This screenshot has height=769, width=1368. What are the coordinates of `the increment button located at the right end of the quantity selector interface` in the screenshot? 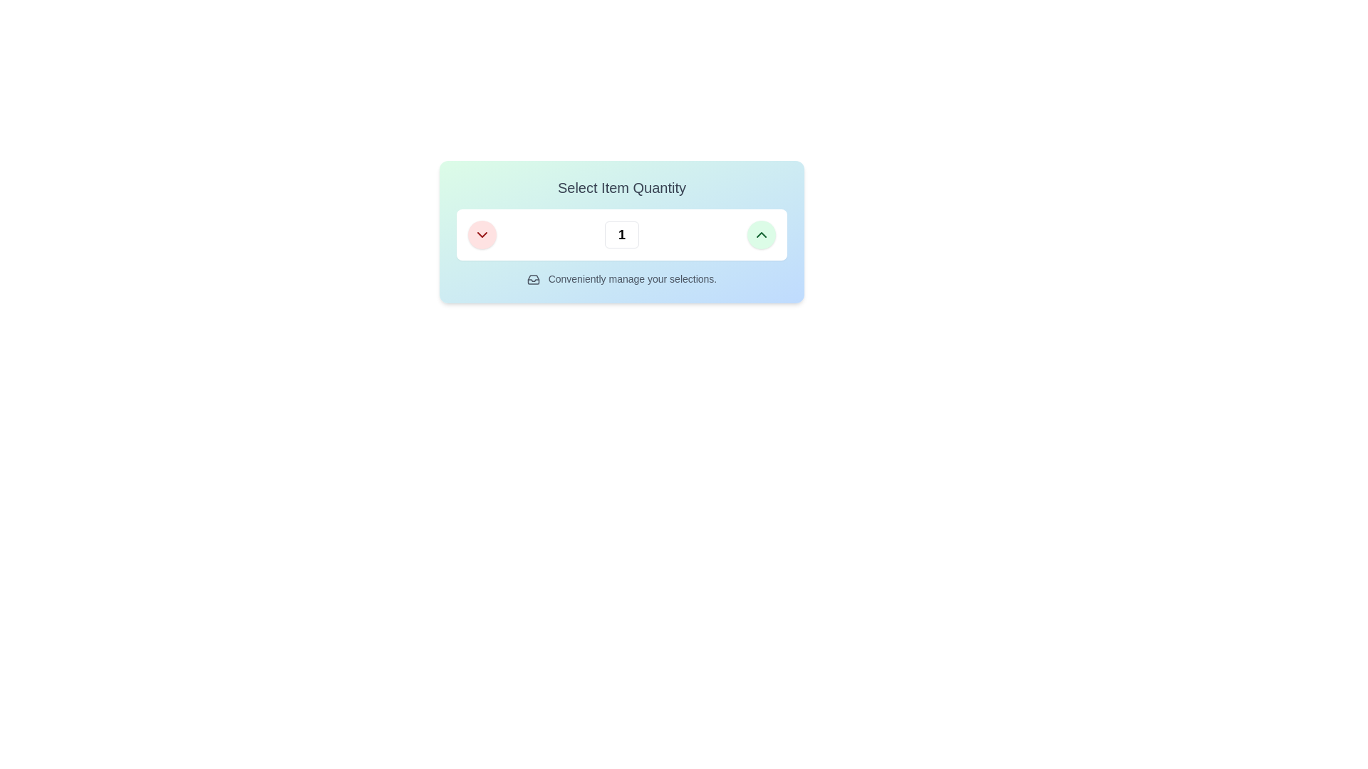 It's located at (761, 234).